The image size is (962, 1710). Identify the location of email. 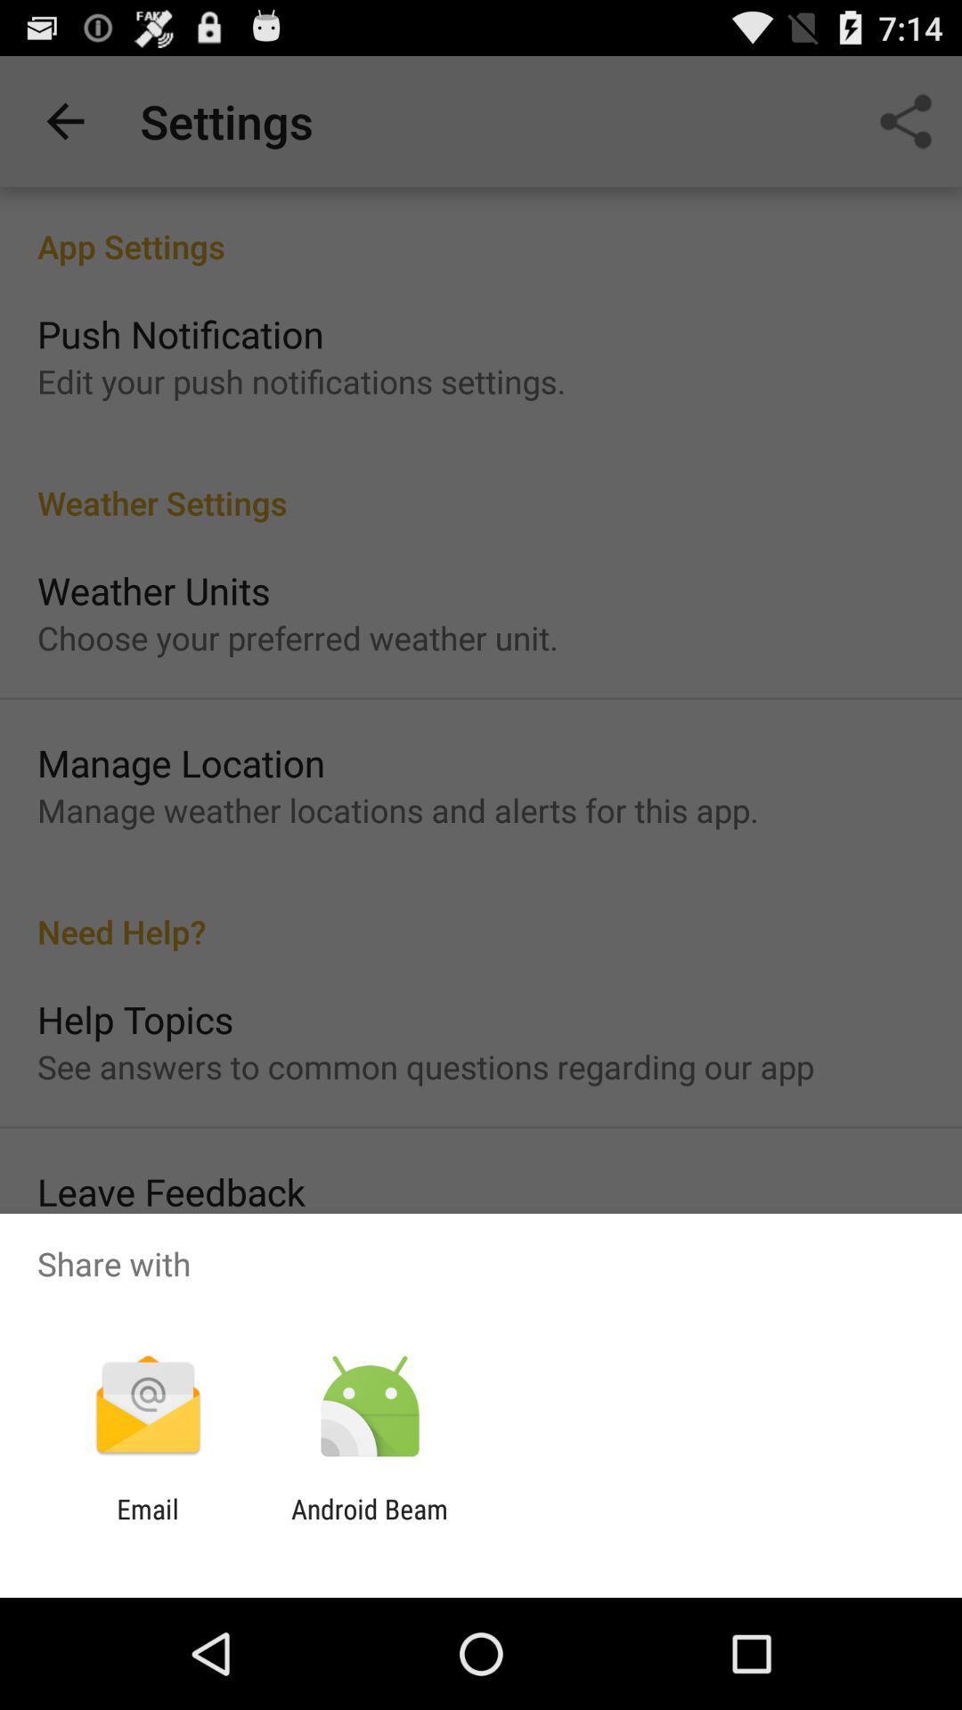
(147, 1524).